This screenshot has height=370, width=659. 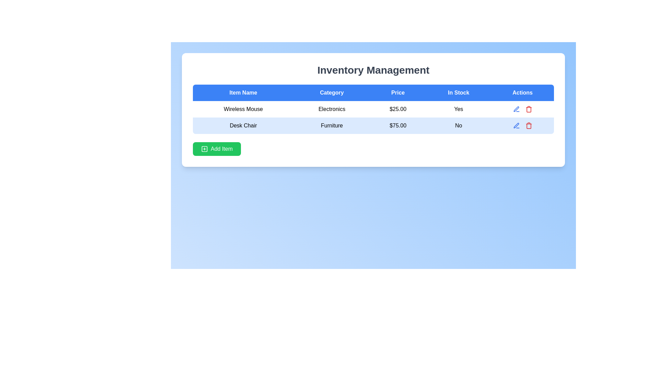 What do you see at coordinates (459, 92) in the screenshot?
I see `the table header cell containing the text 'In Stock', which is styled with a blue background and white text, positioned between the 'Price' and 'Actions' headers` at bounding box center [459, 92].